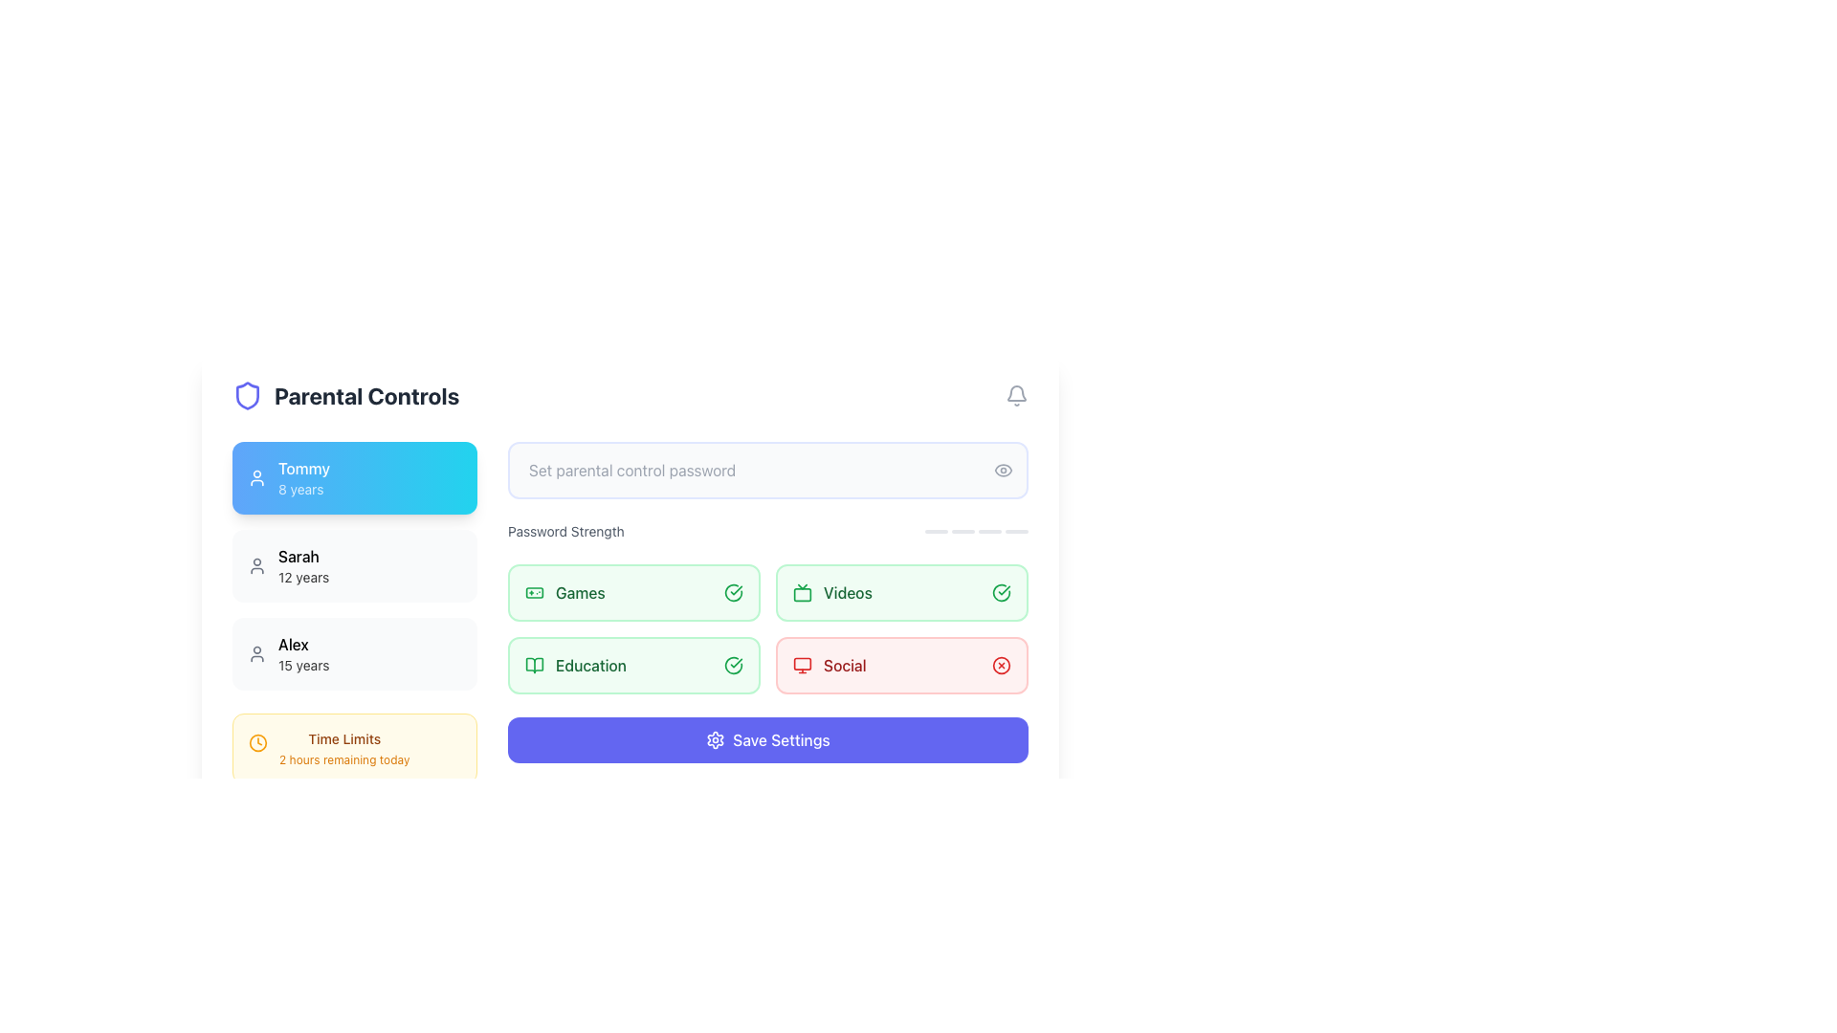  Describe the element at coordinates (255, 564) in the screenshot. I see `the user profile icon associated with 'Sarah' located in the left panel of the interface` at that location.